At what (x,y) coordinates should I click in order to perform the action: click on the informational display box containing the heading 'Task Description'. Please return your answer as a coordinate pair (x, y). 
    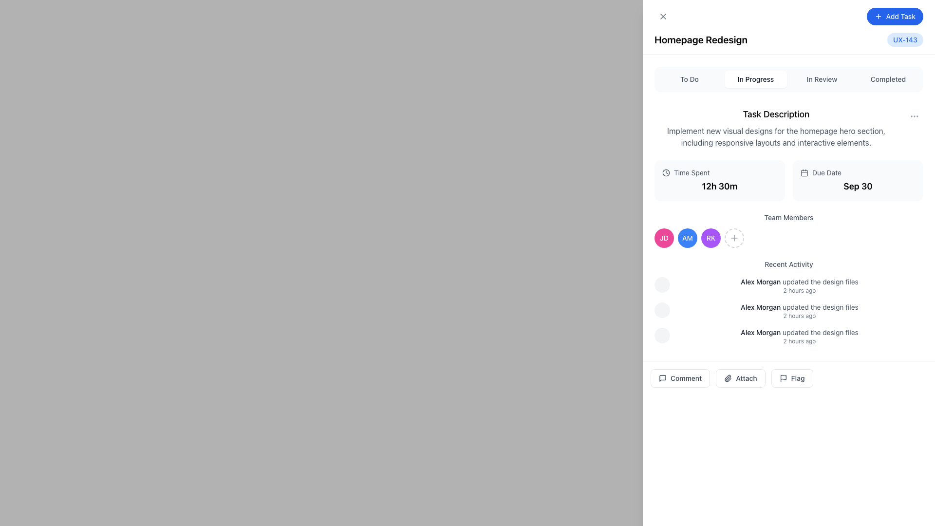
    Looking at the image, I should click on (789, 127).